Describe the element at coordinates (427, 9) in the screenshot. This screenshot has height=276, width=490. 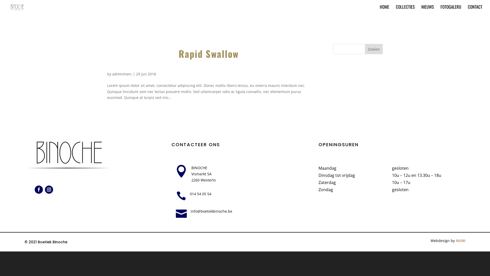
I see `'NIEUWS'` at that location.